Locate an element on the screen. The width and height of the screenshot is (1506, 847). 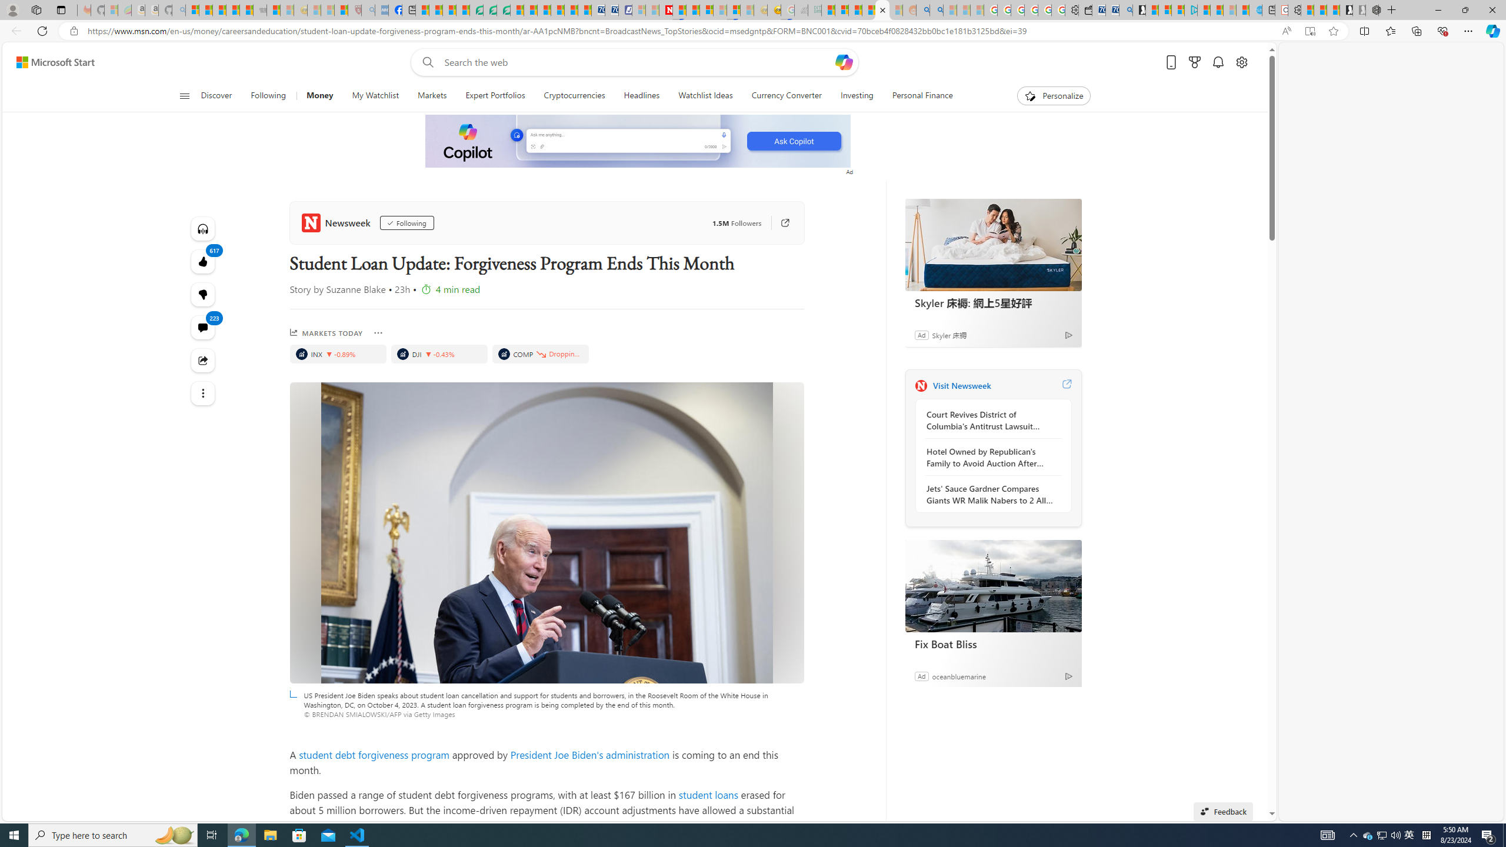
'Headlines' is located at coordinates (641, 95).